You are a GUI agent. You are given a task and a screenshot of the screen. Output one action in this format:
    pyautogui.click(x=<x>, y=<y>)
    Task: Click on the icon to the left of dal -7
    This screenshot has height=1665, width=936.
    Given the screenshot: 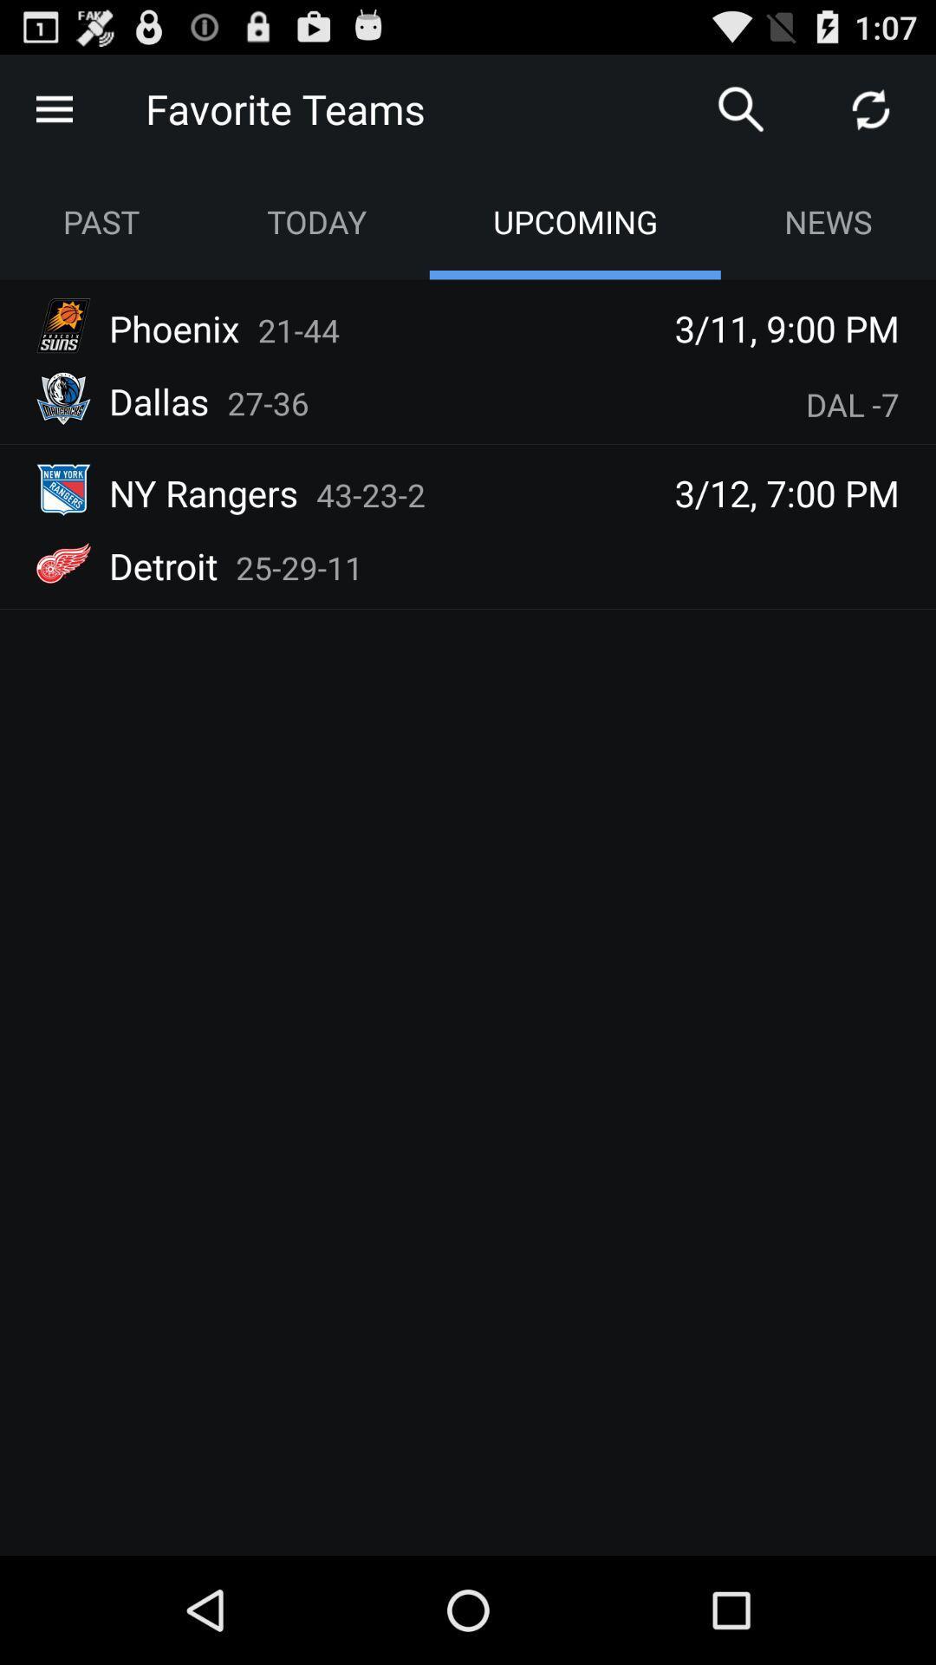 What is the action you would take?
    pyautogui.click(x=268, y=402)
    